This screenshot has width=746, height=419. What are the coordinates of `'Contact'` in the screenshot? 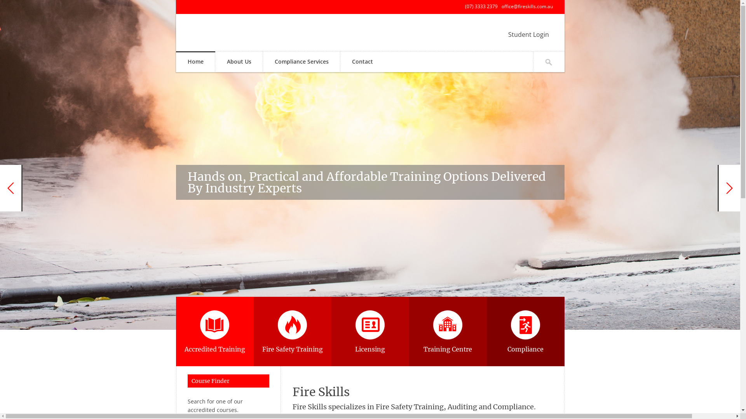 It's located at (362, 62).